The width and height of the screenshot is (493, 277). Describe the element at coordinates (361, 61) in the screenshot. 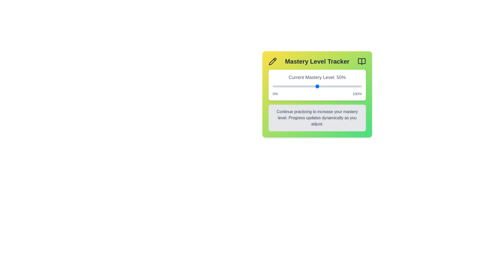

I see `the book icon to access additional information or resources` at that location.